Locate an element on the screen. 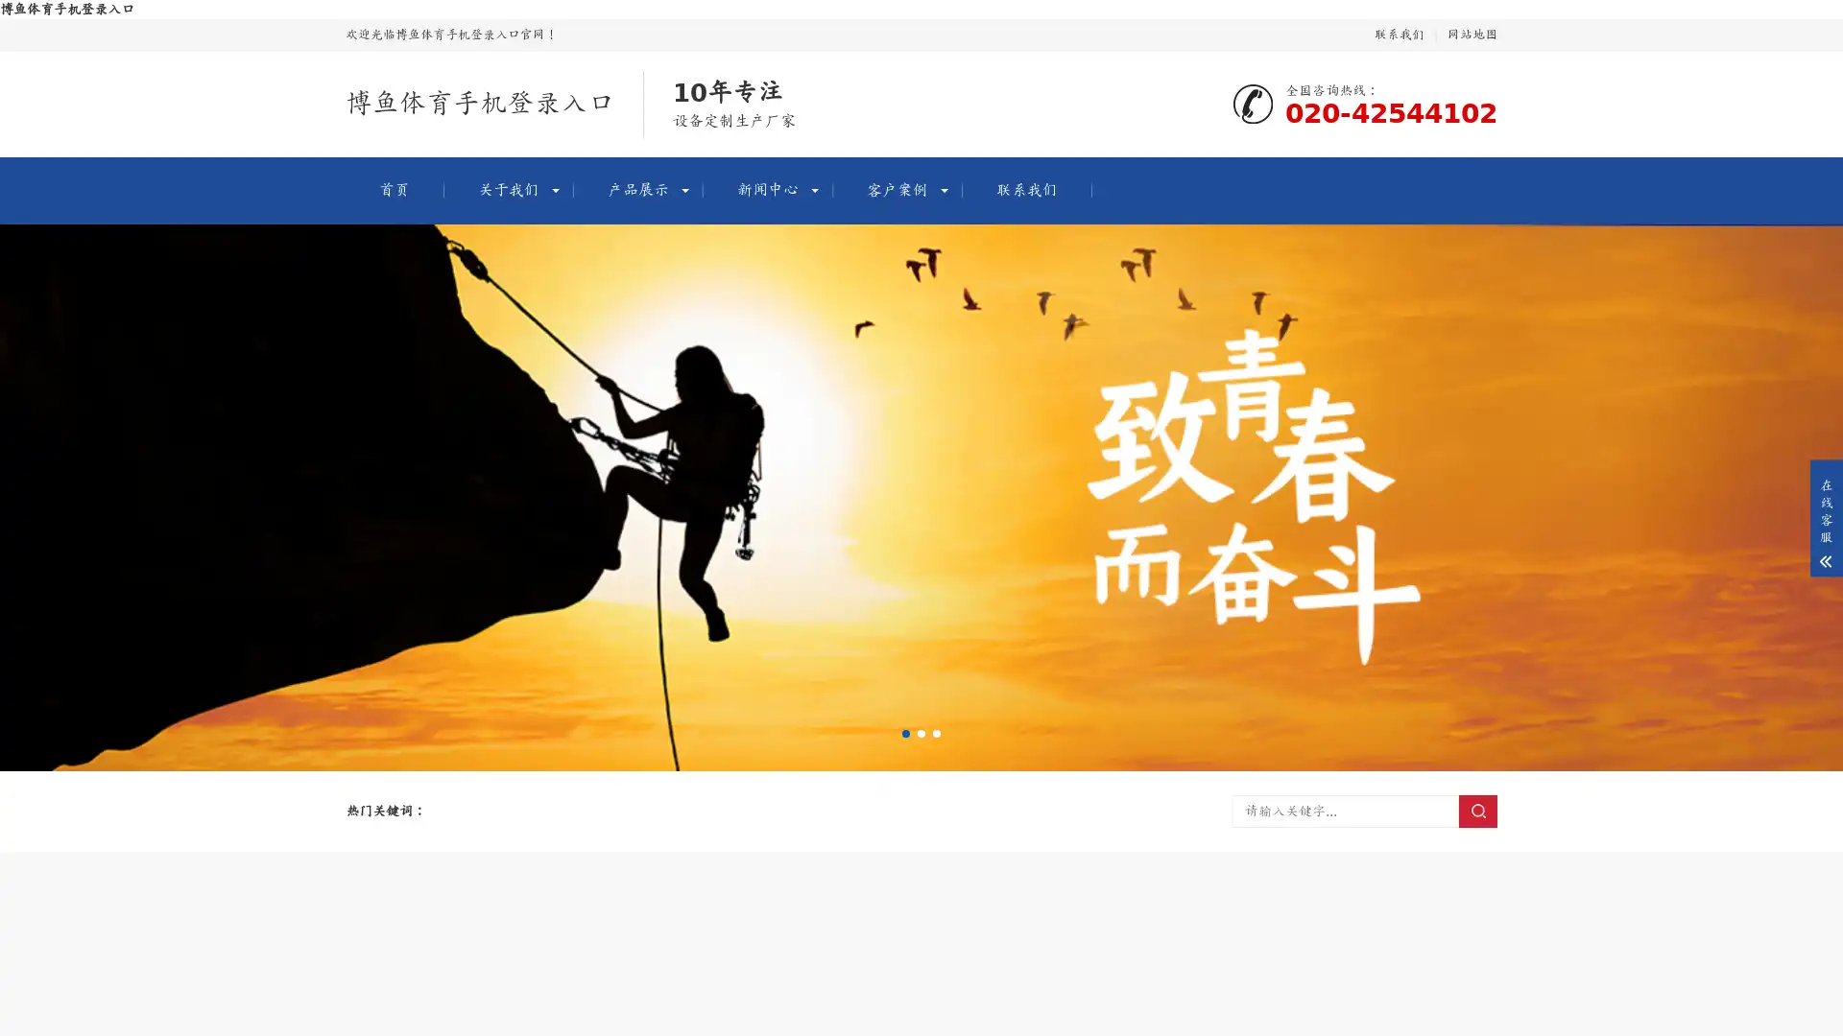 The width and height of the screenshot is (1843, 1036). Go to slide 3 is located at coordinates (936, 733).